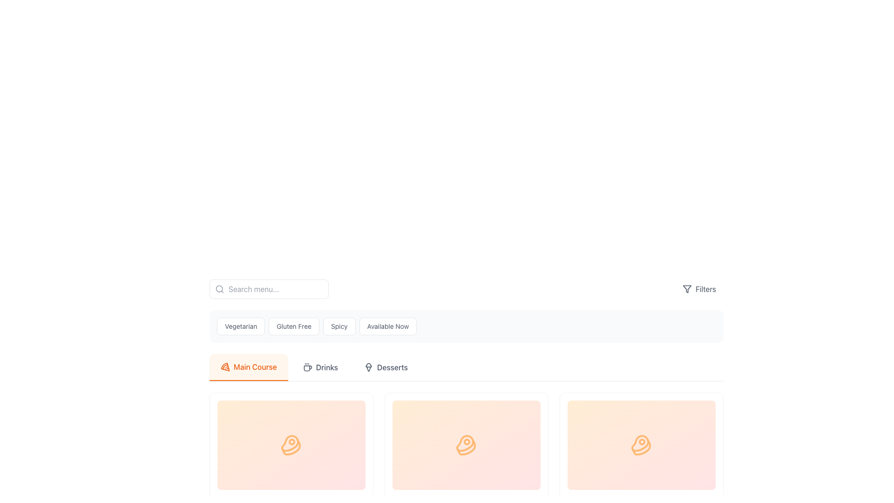  What do you see at coordinates (241, 326) in the screenshot?
I see `the 'Vegetarian' filter button located in the upper-middle portion of the interface` at bounding box center [241, 326].